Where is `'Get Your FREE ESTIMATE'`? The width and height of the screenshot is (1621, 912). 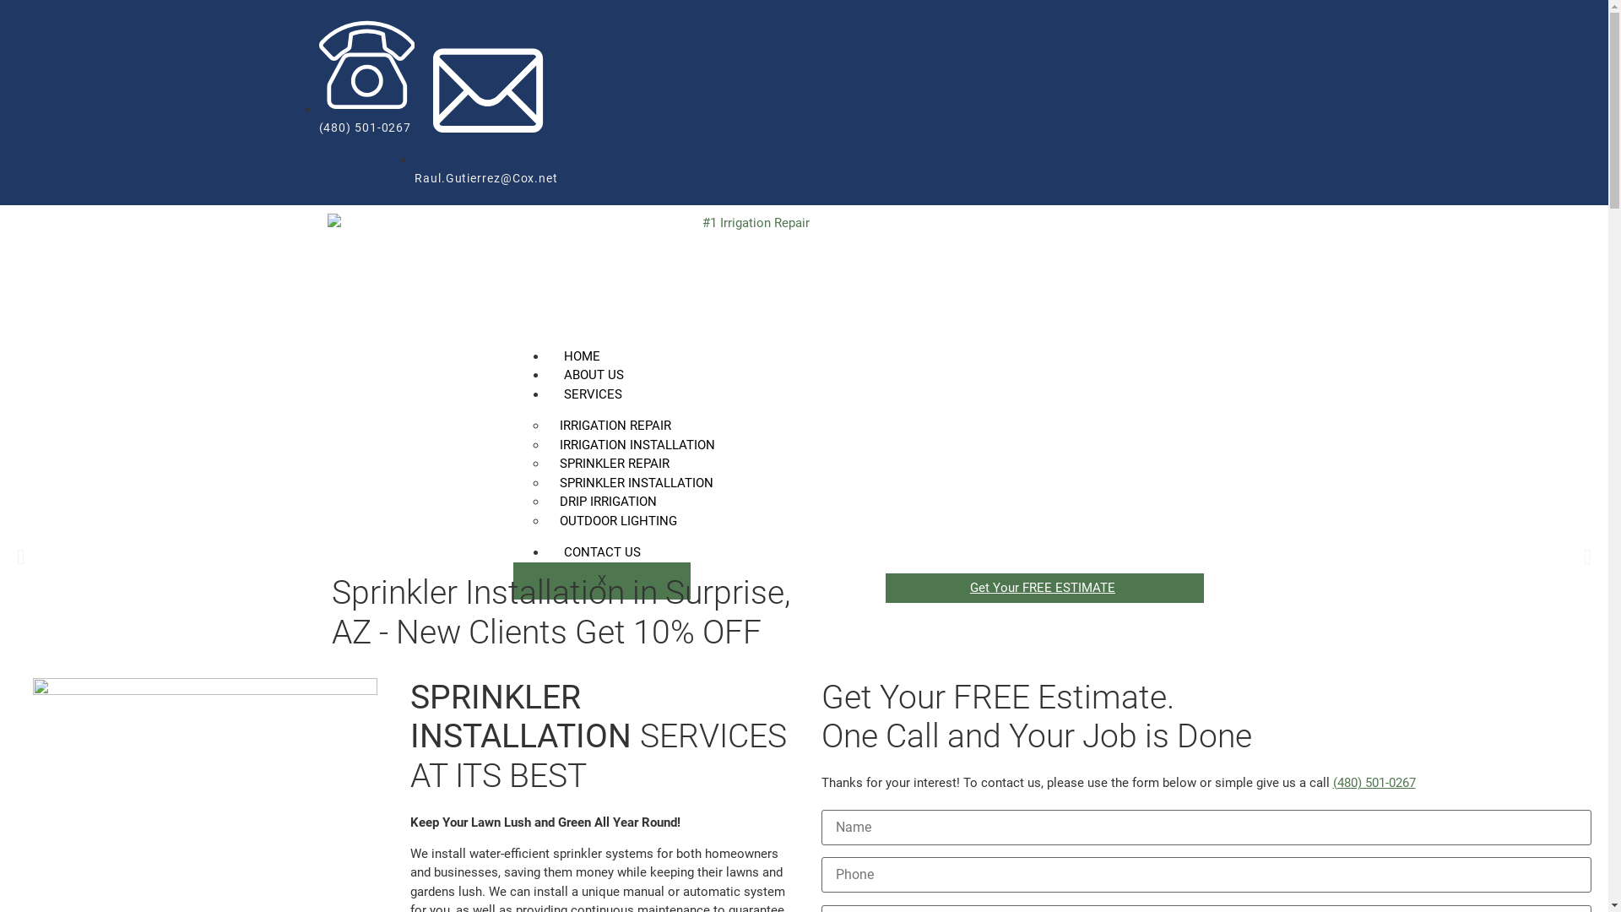
'Get Your FREE ESTIMATE' is located at coordinates (1044, 587).